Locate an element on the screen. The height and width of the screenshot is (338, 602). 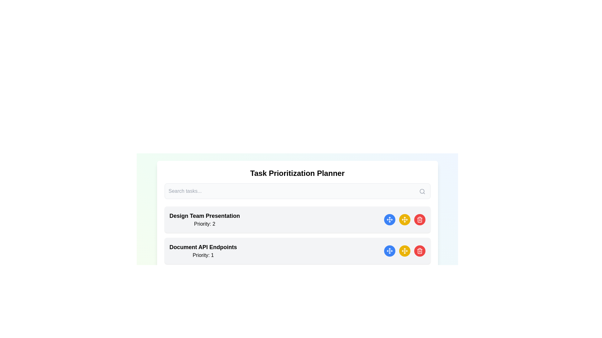
the trash bin icon button located in the bottom-right corner of the 'Document API Endpoints' task item is located at coordinates (420, 219).